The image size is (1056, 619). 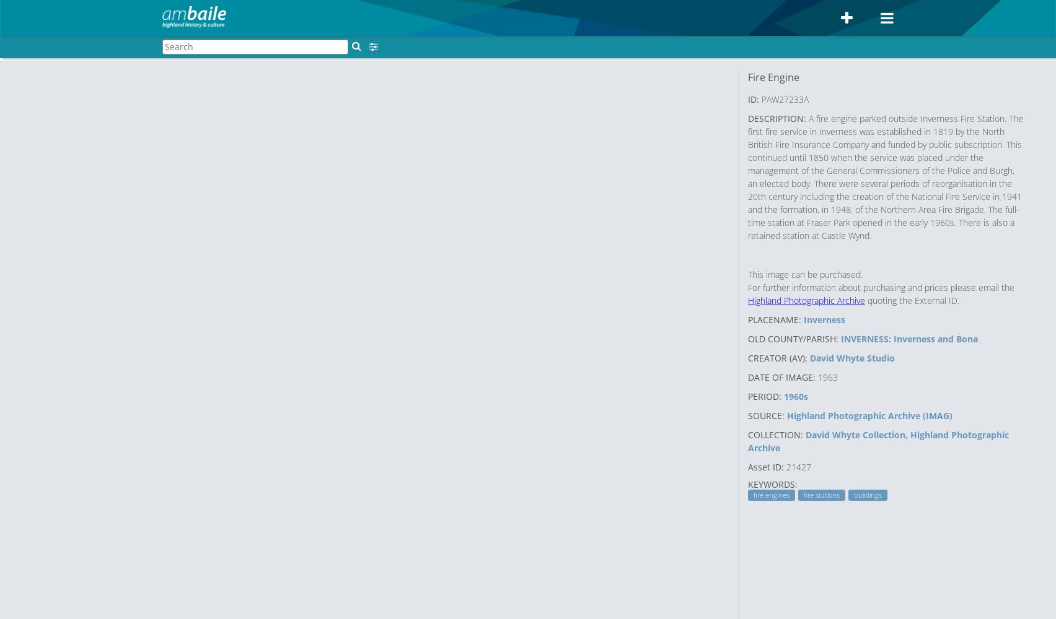 What do you see at coordinates (886, 202) in the screenshot?
I see `'A fire engine parked outside Inverness Fire Station. The first fire service in Inverness was established in 1819 by the North British Fire Insurance Company and funded by public subscription. This continued until 1850 when the service was placed under the management of the General Commissioners of the Police and Burgh, an elected body. There were several periods of reorganisation in the 20th century including the creation of the National Fire Service in 1941 and the formation, in 1948, of the Northern Area Fire Brigade. The full-time station at Fraser Park opened in the early 1960s. There is also a retained station at Castle Wynd. 


This image can be purchased.
For further information about purchasing and prices please email the'` at bounding box center [886, 202].